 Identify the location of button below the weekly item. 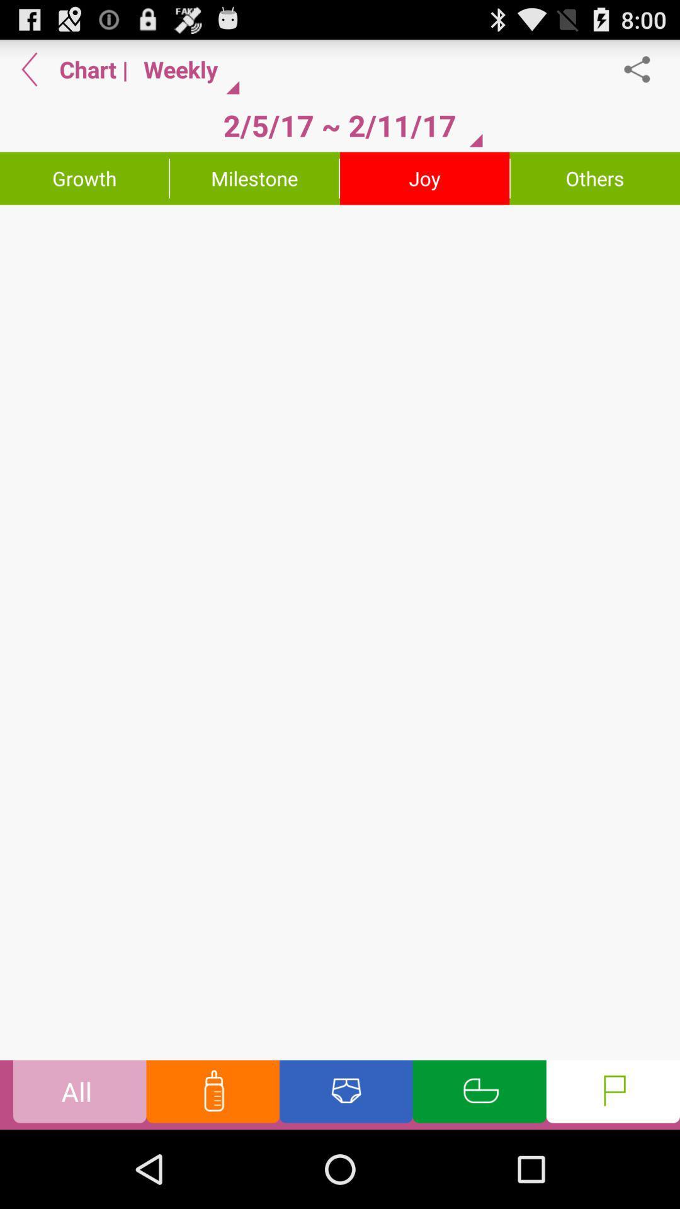
(339, 125).